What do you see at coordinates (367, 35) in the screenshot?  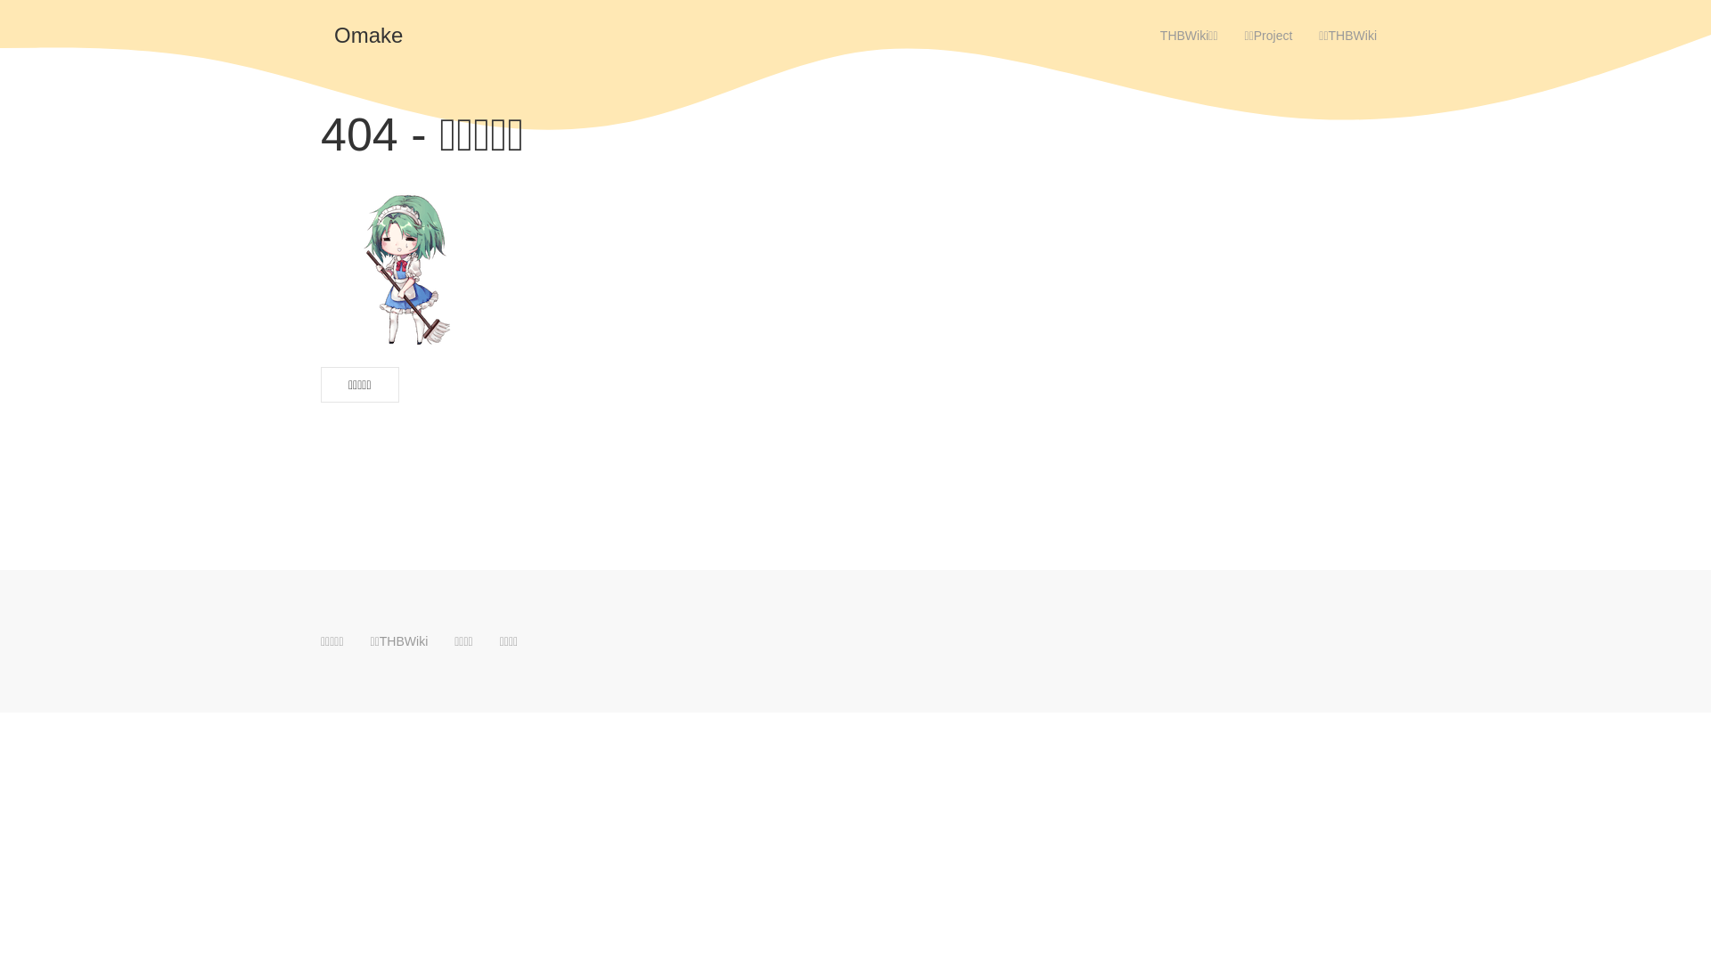 I see `'Omake'` at bounding box center [367, 35].